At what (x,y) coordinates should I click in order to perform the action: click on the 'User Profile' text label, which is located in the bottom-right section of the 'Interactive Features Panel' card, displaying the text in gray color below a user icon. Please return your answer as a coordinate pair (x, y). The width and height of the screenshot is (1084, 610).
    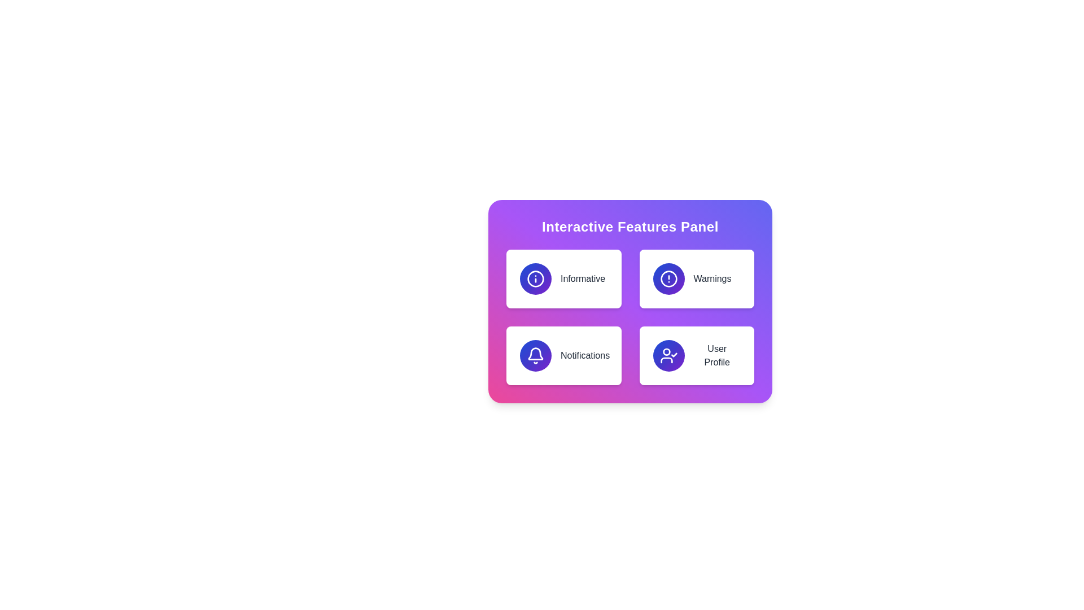
    Looking at the image, I should click on (716, 355).